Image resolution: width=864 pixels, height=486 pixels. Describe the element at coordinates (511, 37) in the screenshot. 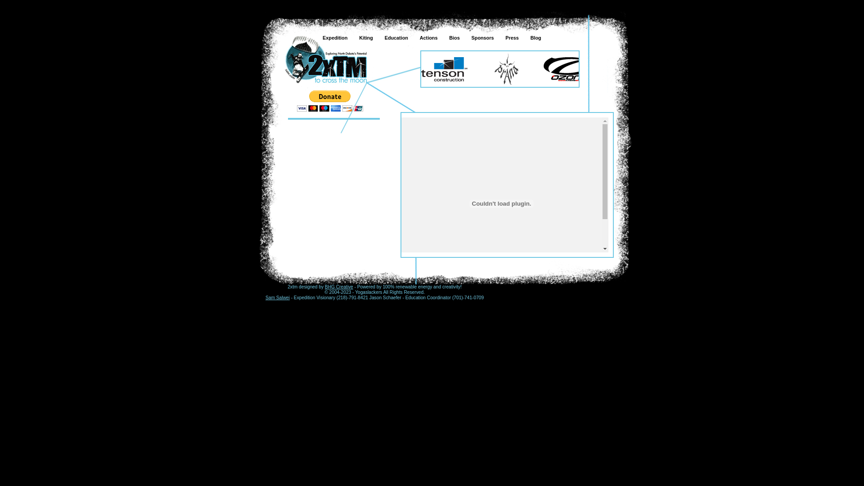

I see `'Press'` at that location.